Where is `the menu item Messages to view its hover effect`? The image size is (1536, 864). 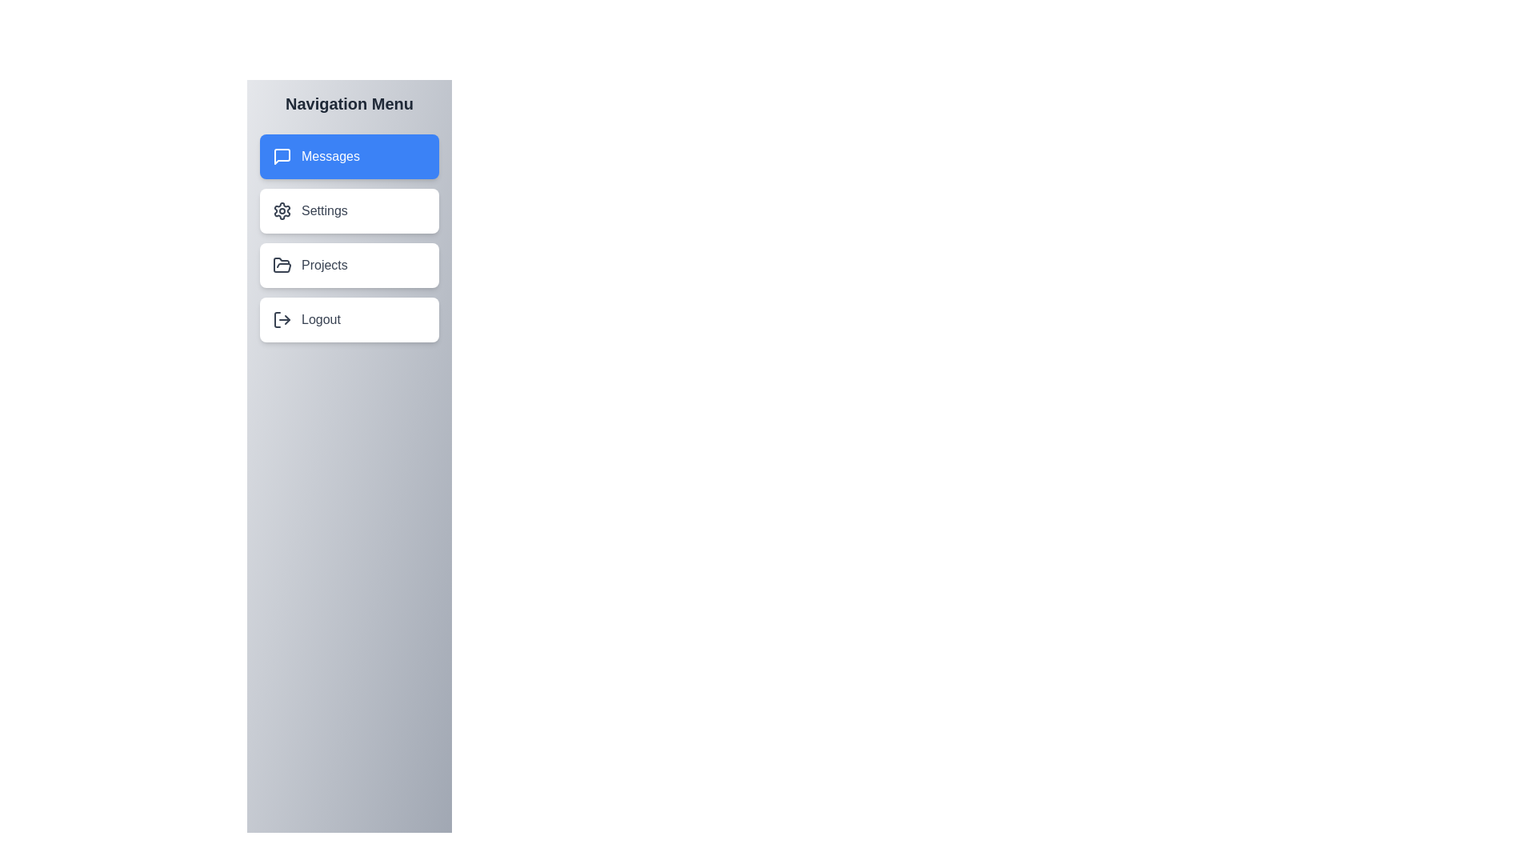 the menu item Messages to view its hover effect is located at coordinates (348, 157).